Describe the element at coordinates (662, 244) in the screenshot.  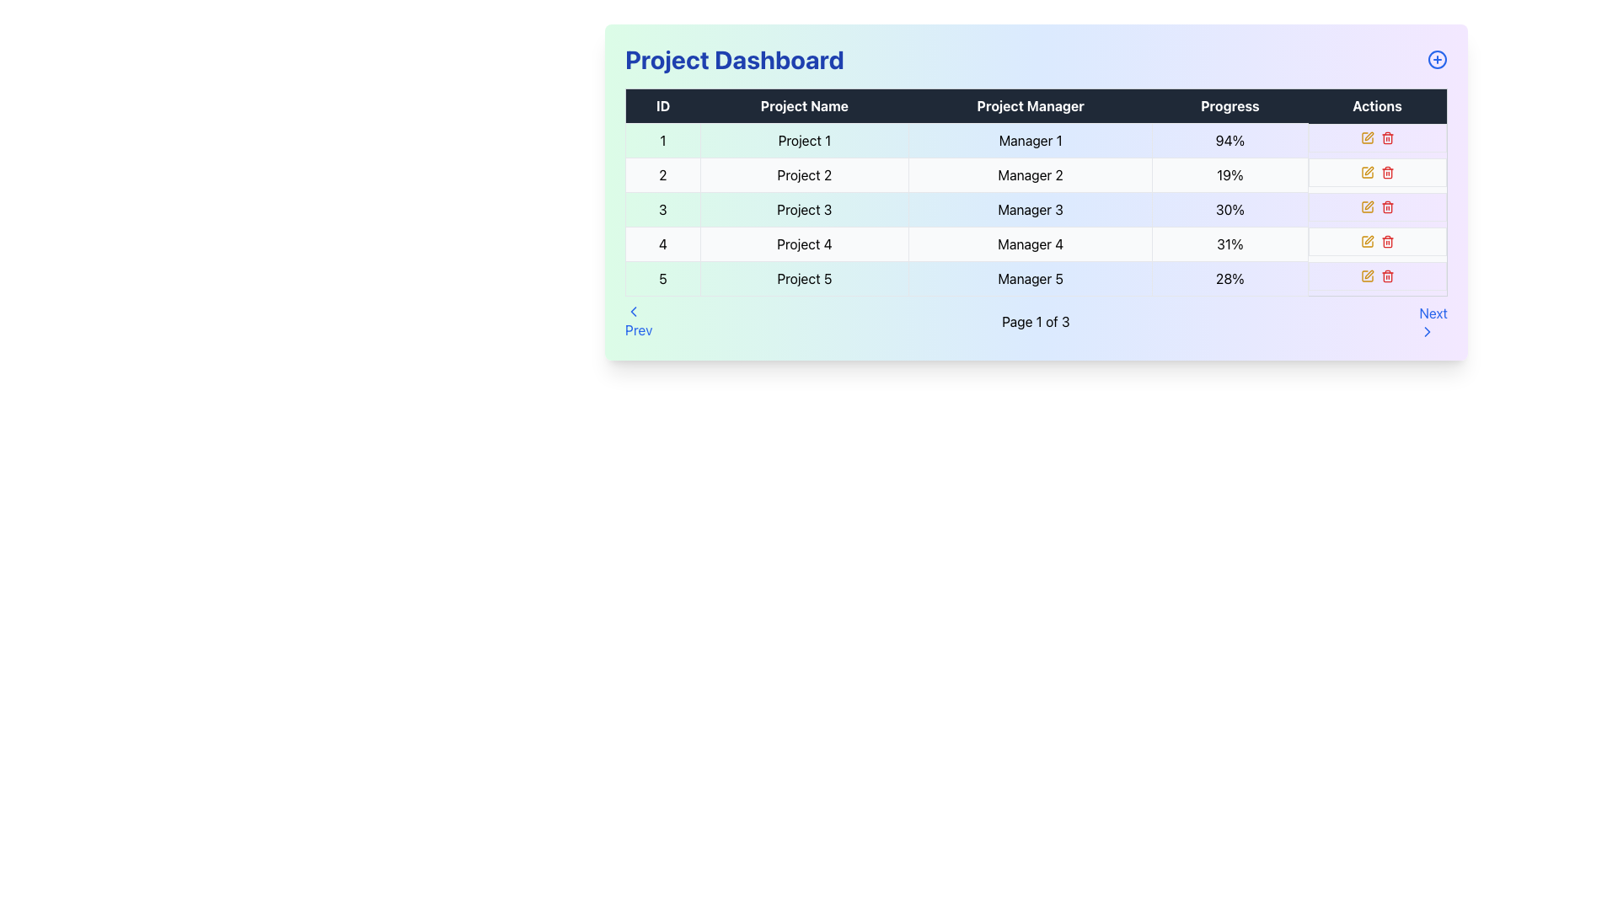
I see `the first table cell in the row labeled '4' under the 'ID' column, which displays the ID for 'Project 4'` at that location.